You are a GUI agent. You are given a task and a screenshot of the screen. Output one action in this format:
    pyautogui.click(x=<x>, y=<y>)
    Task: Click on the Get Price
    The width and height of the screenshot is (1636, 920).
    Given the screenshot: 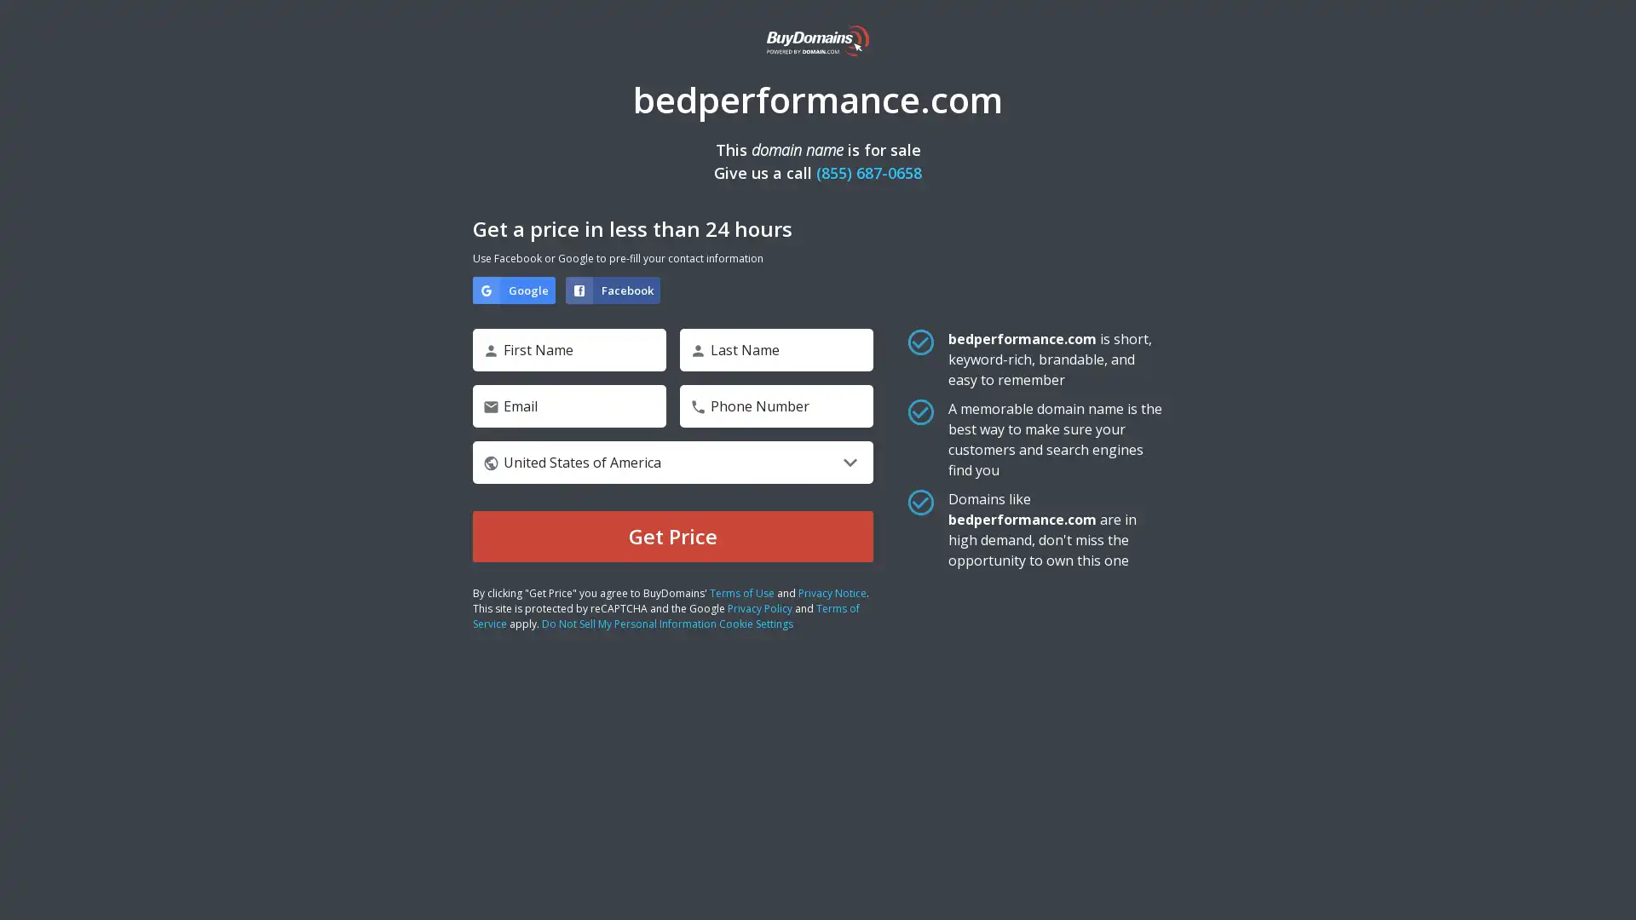 What is the action you would take?
    pyautogui.click(x=672, y=535)
    